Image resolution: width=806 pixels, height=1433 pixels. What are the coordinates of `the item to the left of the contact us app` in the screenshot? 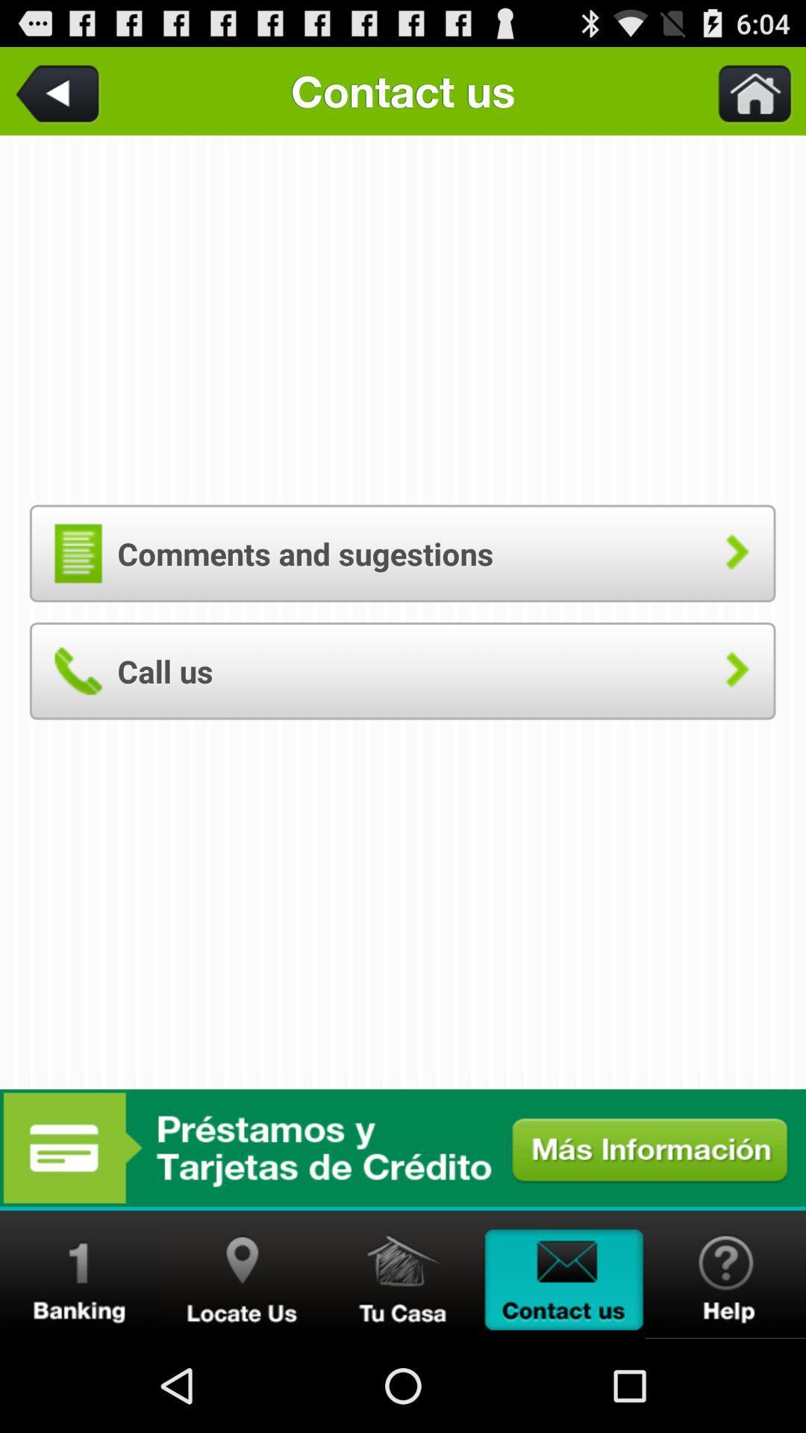 It's located at (60, 90).